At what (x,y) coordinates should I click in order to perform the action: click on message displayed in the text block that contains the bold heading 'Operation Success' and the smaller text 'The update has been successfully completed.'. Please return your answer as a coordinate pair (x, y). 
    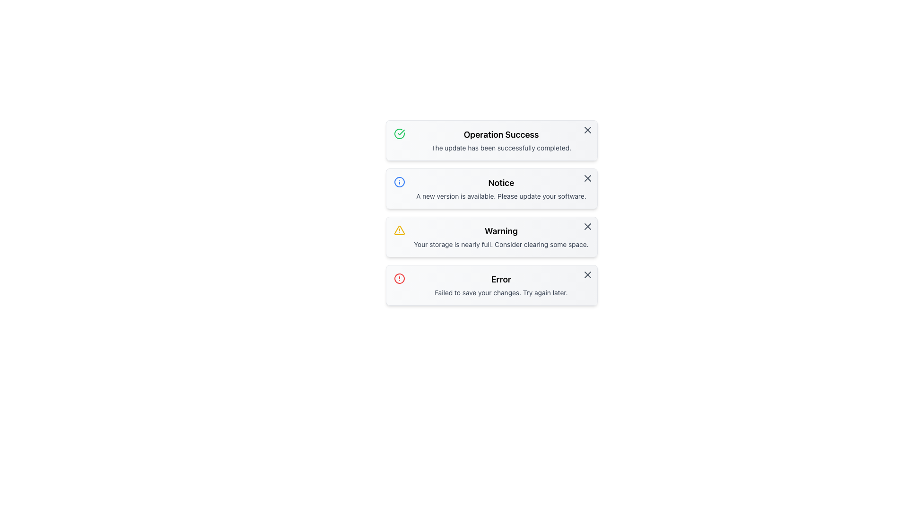
    Looking at the image, I should click on (501, 141).